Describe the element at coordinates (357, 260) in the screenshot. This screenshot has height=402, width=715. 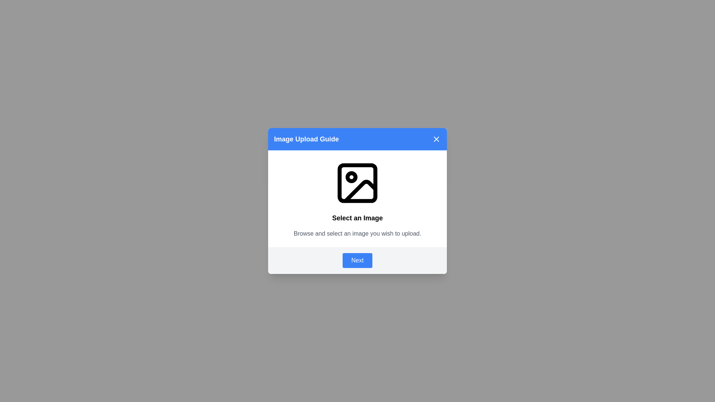
I see `the 'Next' button to proceed to the next step` at that location.